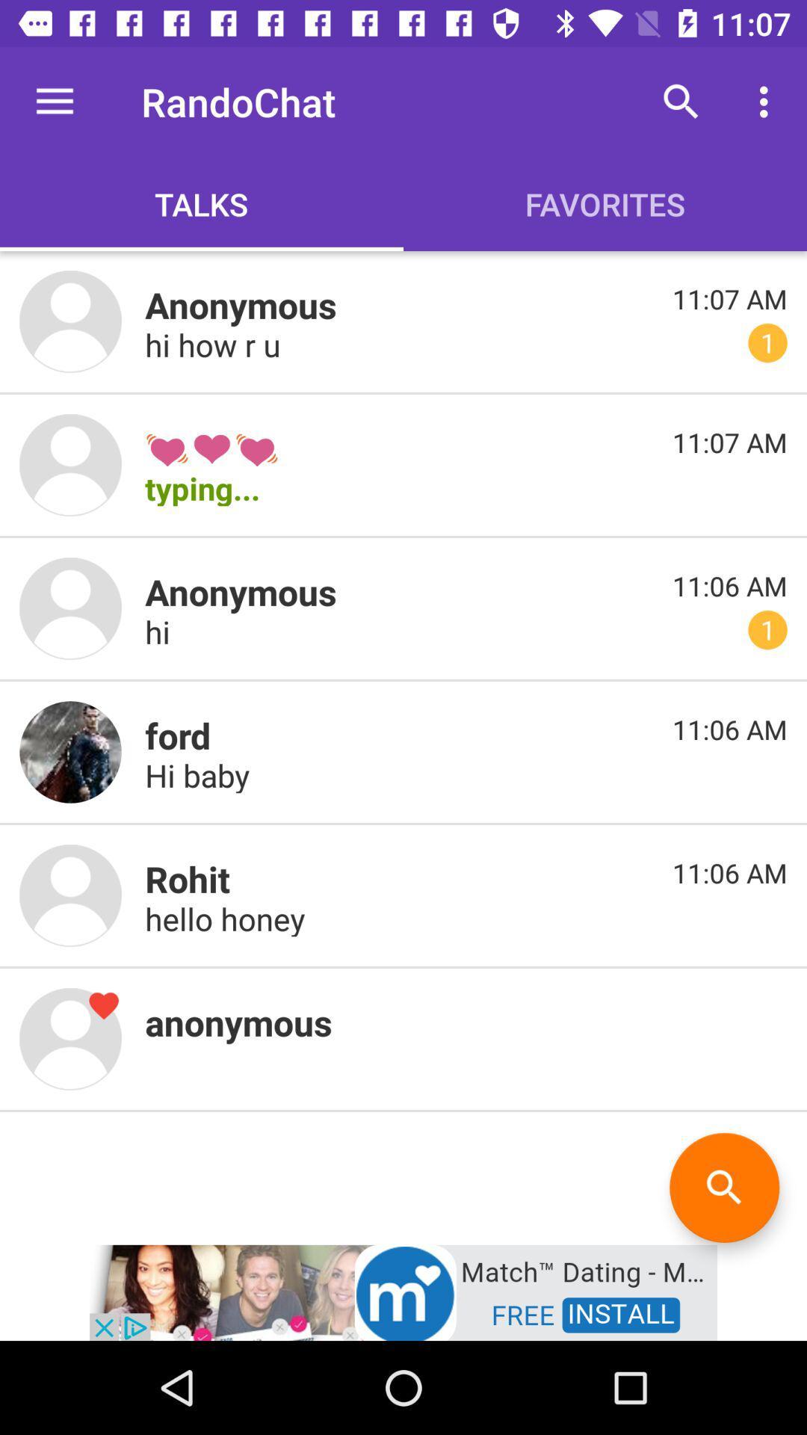 Image resolution: width=807 pixels, height=1435 pixels. I want to click on search option, so click(723, 1187).